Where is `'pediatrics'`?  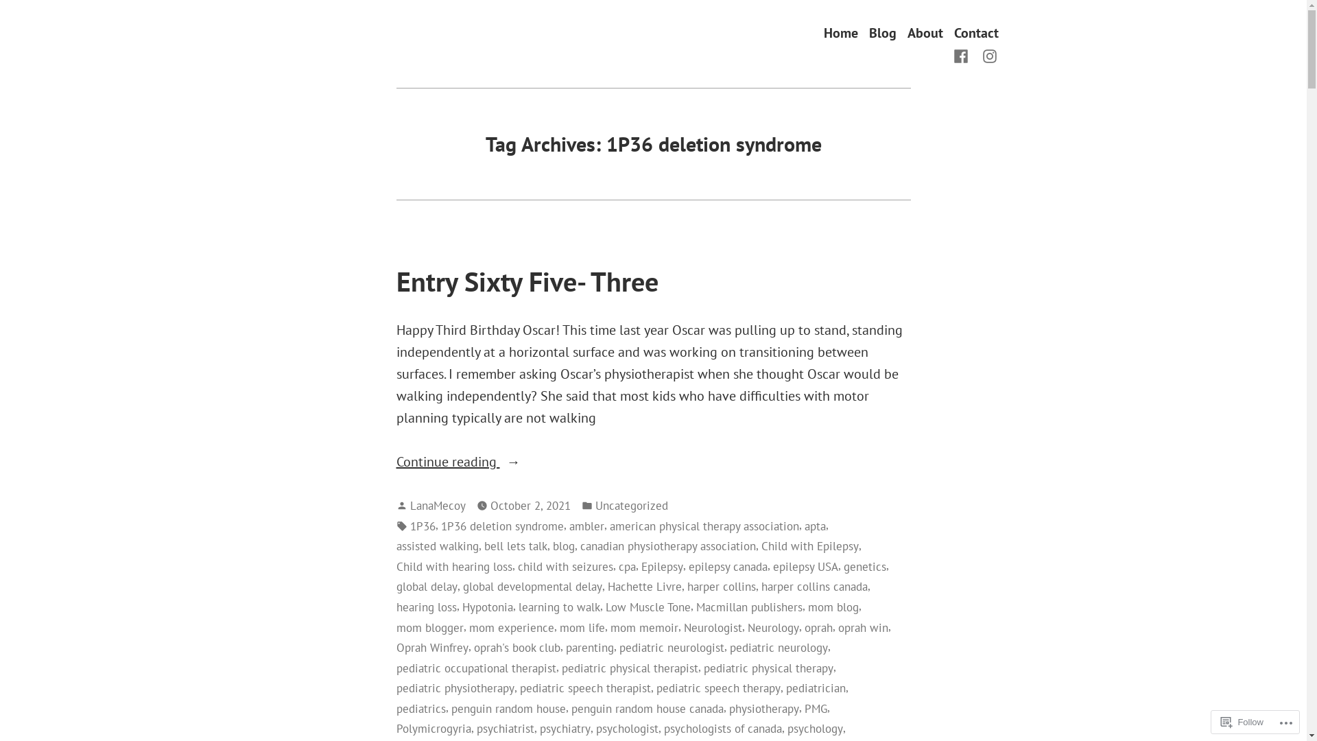 'pediatrics' is located at coordinates (420, 709).